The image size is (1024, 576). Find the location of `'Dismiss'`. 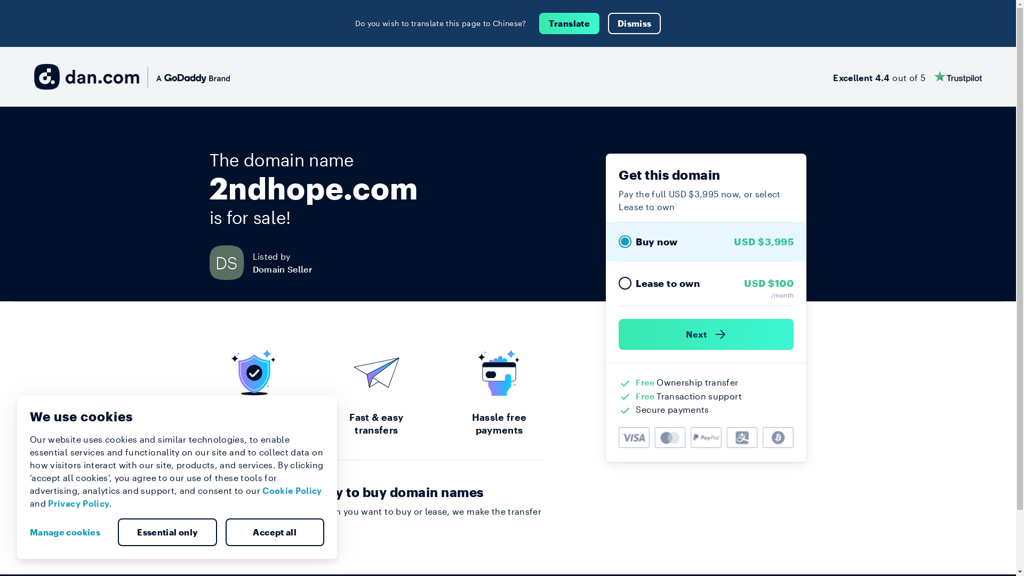

'Dismiss' is located at coordinates (634, 23).